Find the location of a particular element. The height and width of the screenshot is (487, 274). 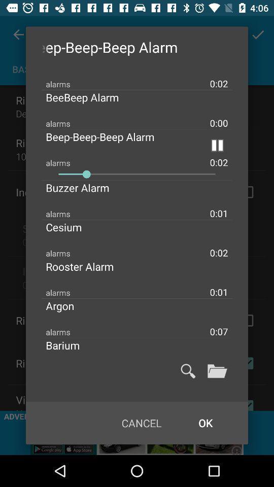

barium item is located at coordinates (71, 345).